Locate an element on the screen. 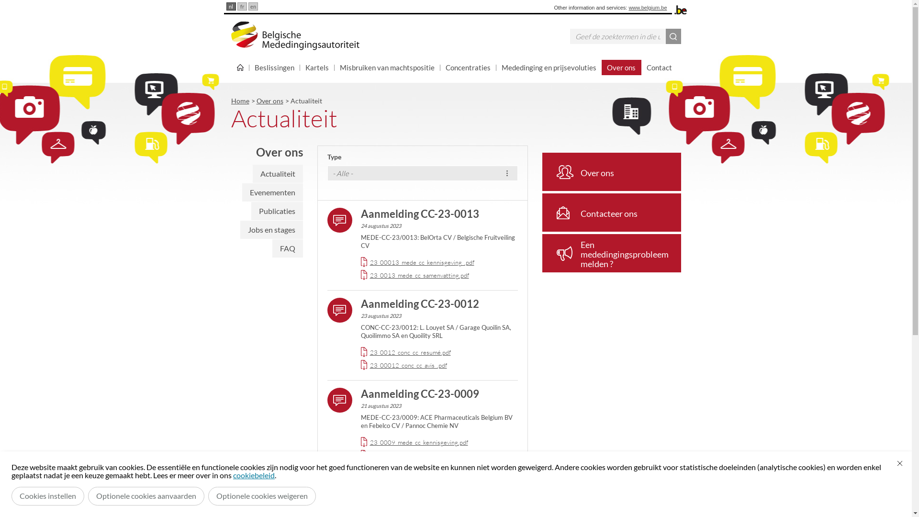 This screenshot has width=919, height=517. 'Aanmelding CC-23-0009' is located at coordinates (420, 393).